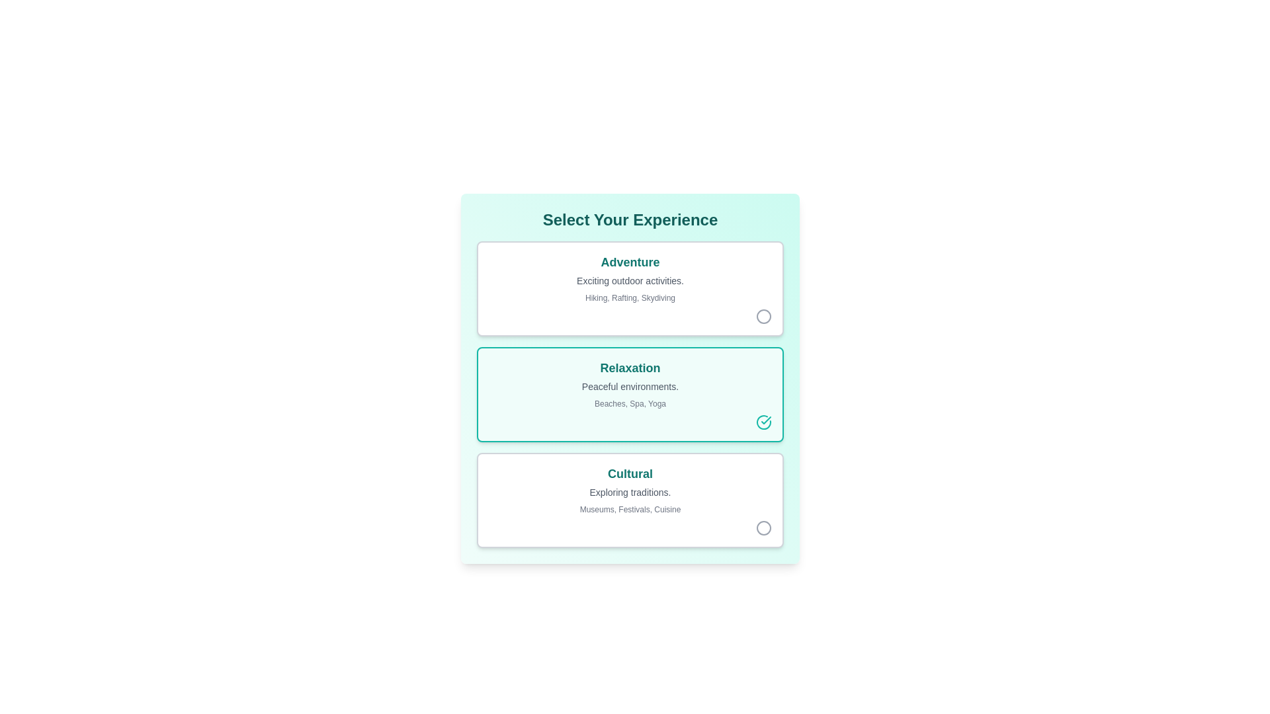 This screenshot has height=714, width=1270. I want to click on the teal circular icon with a check mark inside, located in the rightmost section of the 'Relaxation' box in the 'Select Your Experience' interface, so click(764, 422).